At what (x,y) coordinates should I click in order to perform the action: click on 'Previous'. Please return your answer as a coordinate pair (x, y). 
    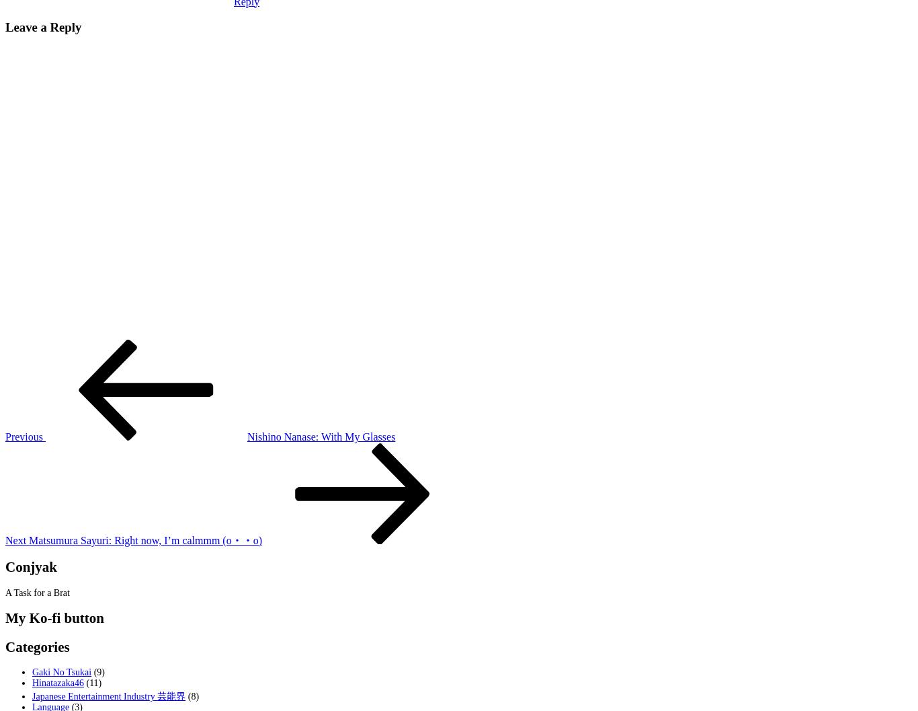
    Looking at the image, I should click on (24, 436).